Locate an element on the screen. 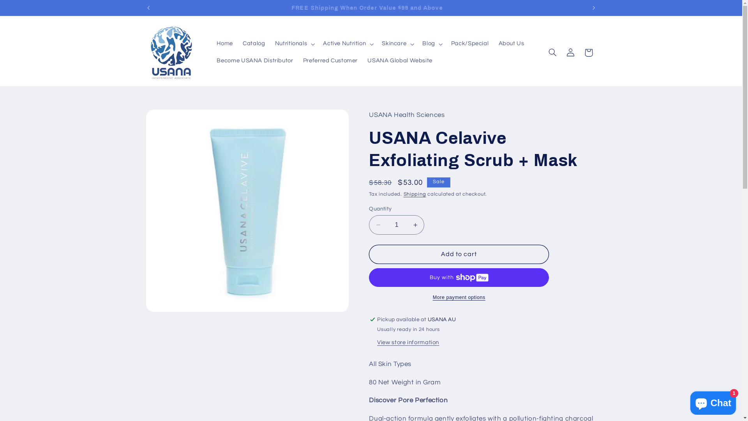  'Preferred Customer' is located at coordinates (330, 61).